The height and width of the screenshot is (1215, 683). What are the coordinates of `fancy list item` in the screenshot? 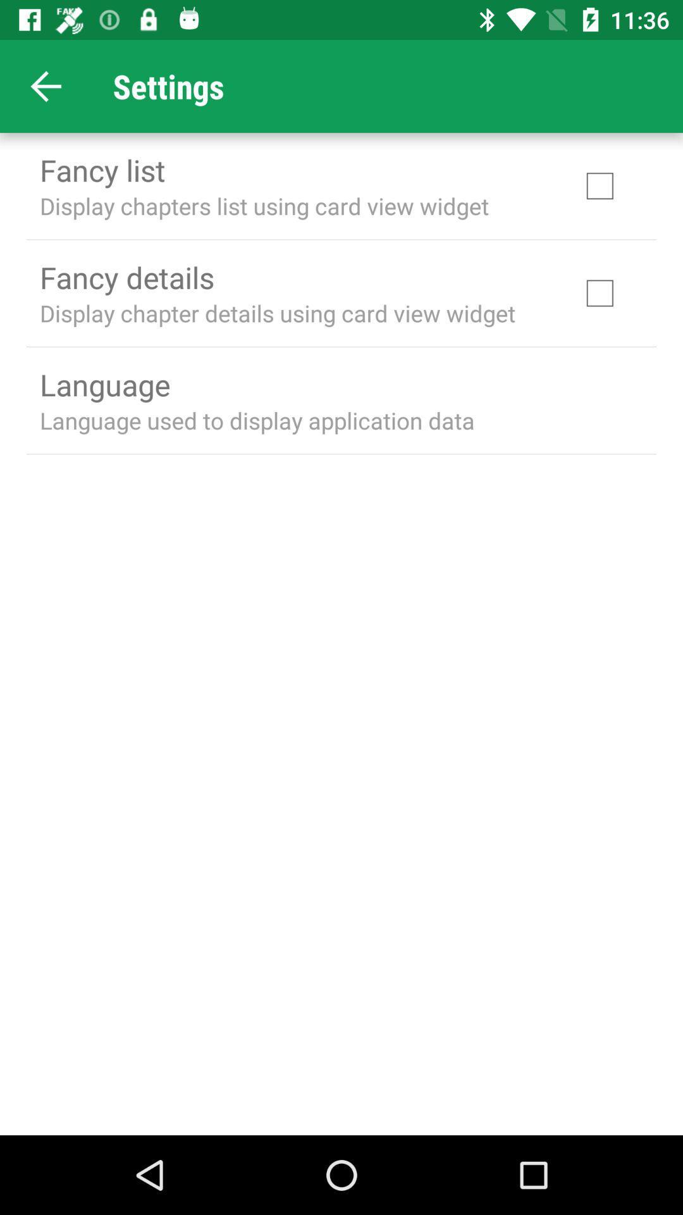 It's located at (102, 169).